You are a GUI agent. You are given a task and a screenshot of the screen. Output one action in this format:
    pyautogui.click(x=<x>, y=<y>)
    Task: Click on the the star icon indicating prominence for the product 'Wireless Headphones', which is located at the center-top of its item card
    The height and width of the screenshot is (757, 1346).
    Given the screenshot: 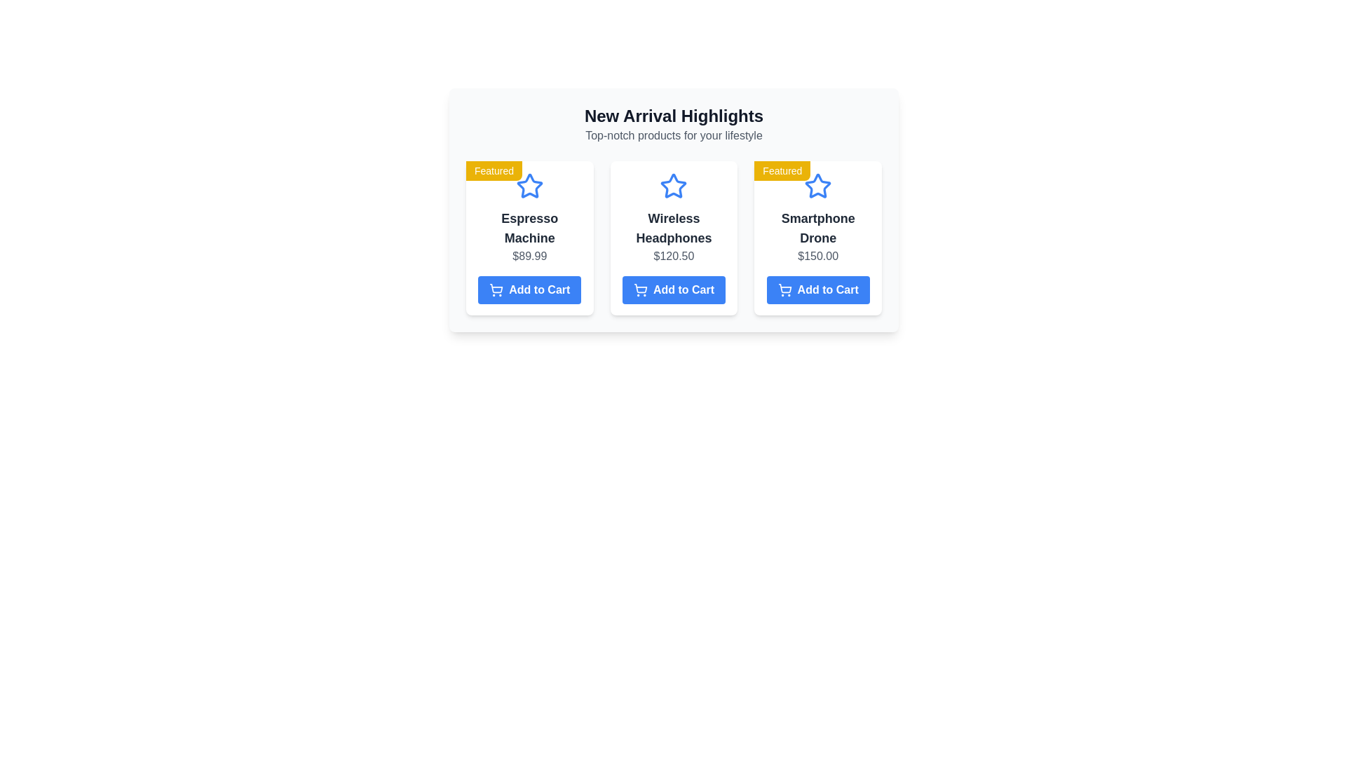 What is the action you would take?
    pyautogui.click(x=674, y=186)
    